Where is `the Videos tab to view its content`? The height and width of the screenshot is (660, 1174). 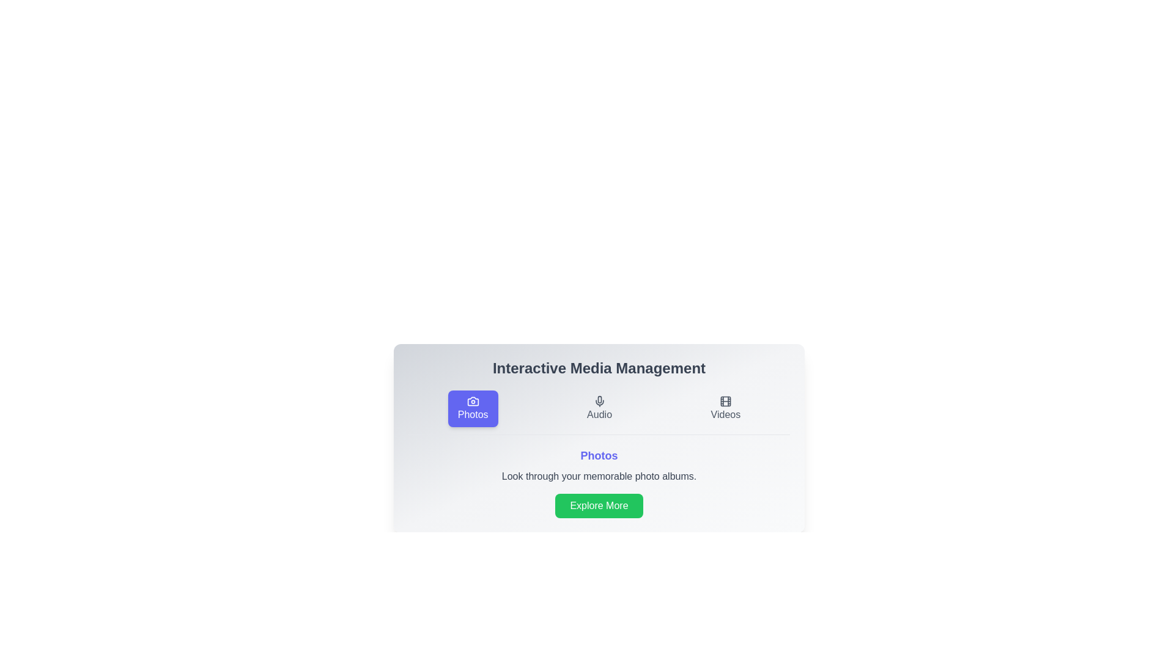 the Videos tab to view its content is located at coordinates (725, 408).